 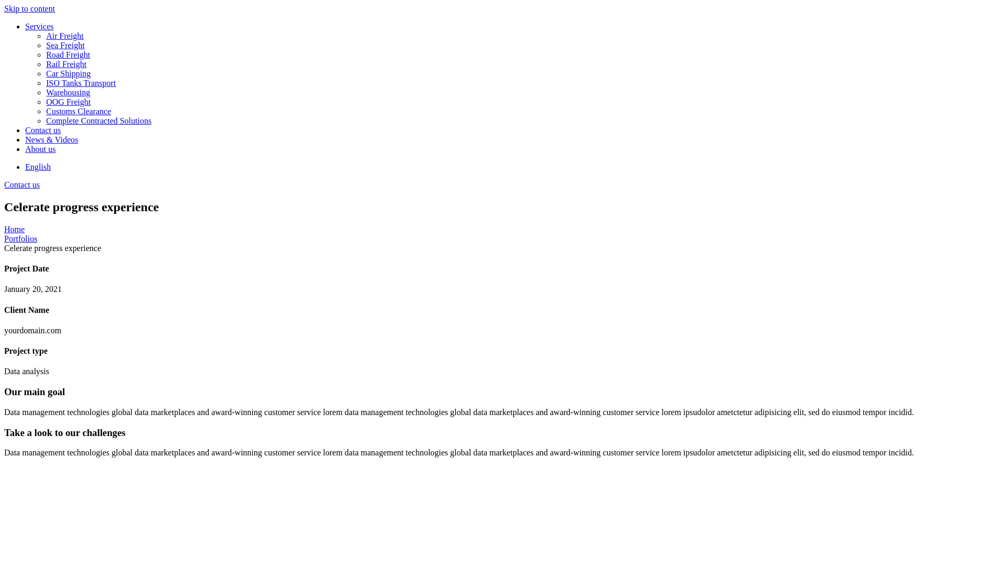 What do you see at coordinates (524, 55) in the screenshot?
I see `'Road Freight'` at bounding box center [524, 55].